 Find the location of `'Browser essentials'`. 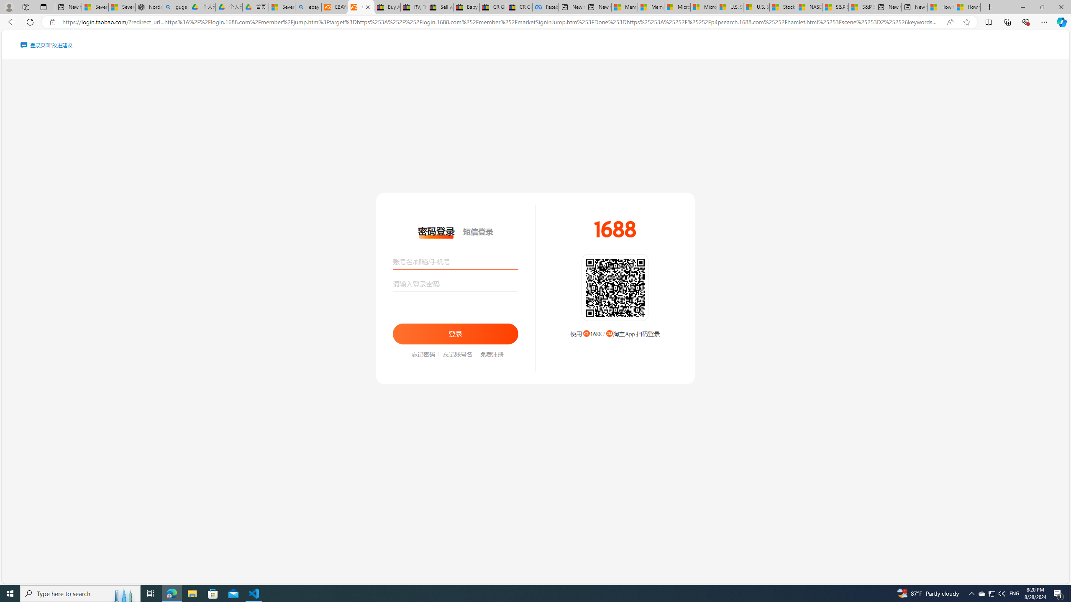

'Browser essentials' is located at coordinates (1025, 21).